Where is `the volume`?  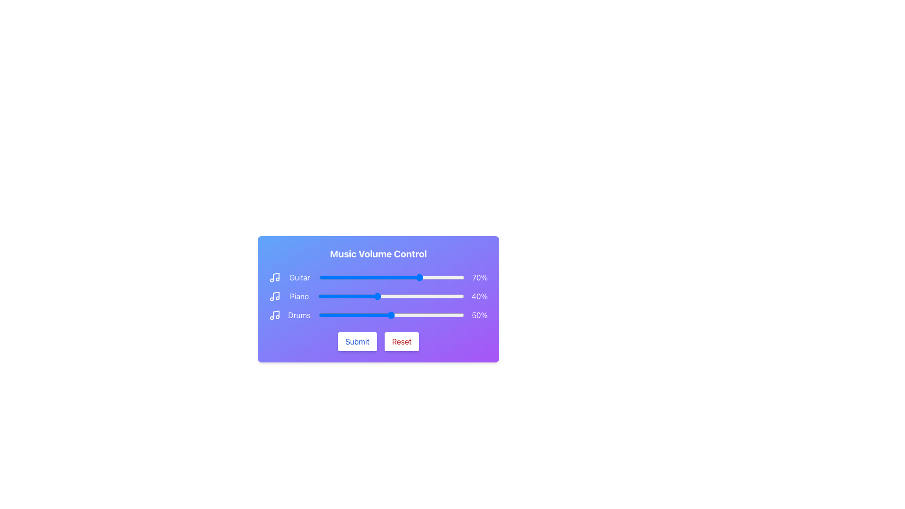 the volume is located at coordinates (397, 315).